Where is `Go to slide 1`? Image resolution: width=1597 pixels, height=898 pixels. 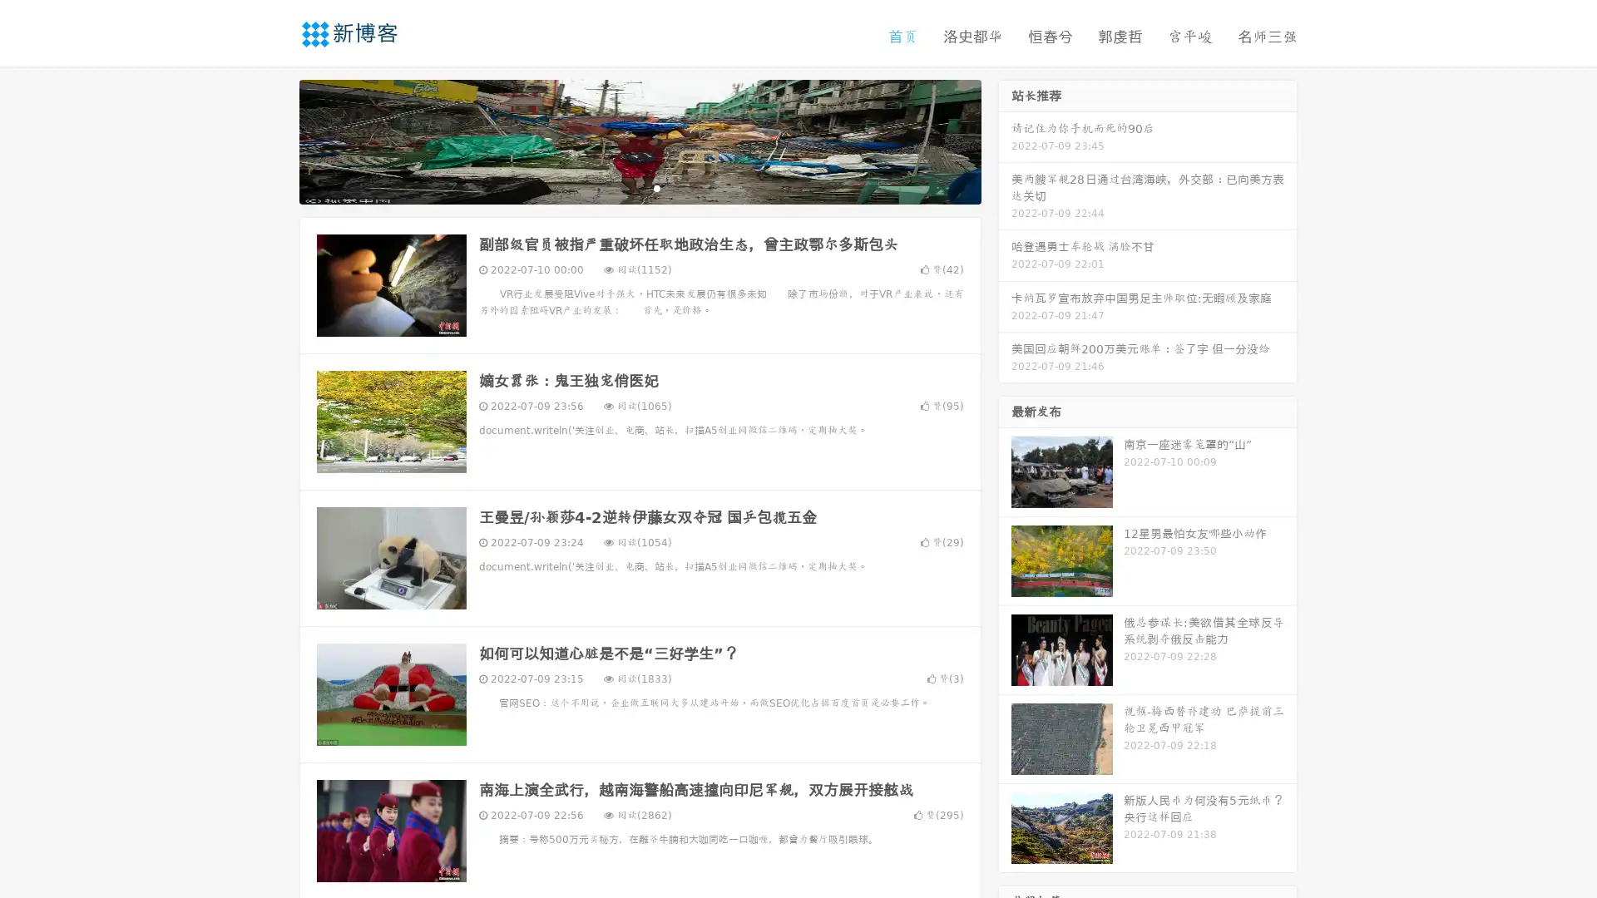
Go to slide 1 is located at coordinates (622, 187).